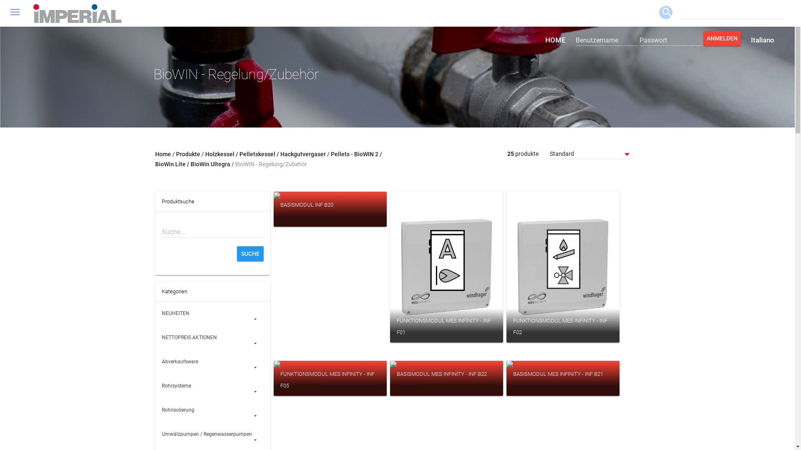 The height and width of the screenshot is (450, 801). Describe the element at coordinates (722, 38) in the screenshot. I see `'ANMELDEN'` at that location.